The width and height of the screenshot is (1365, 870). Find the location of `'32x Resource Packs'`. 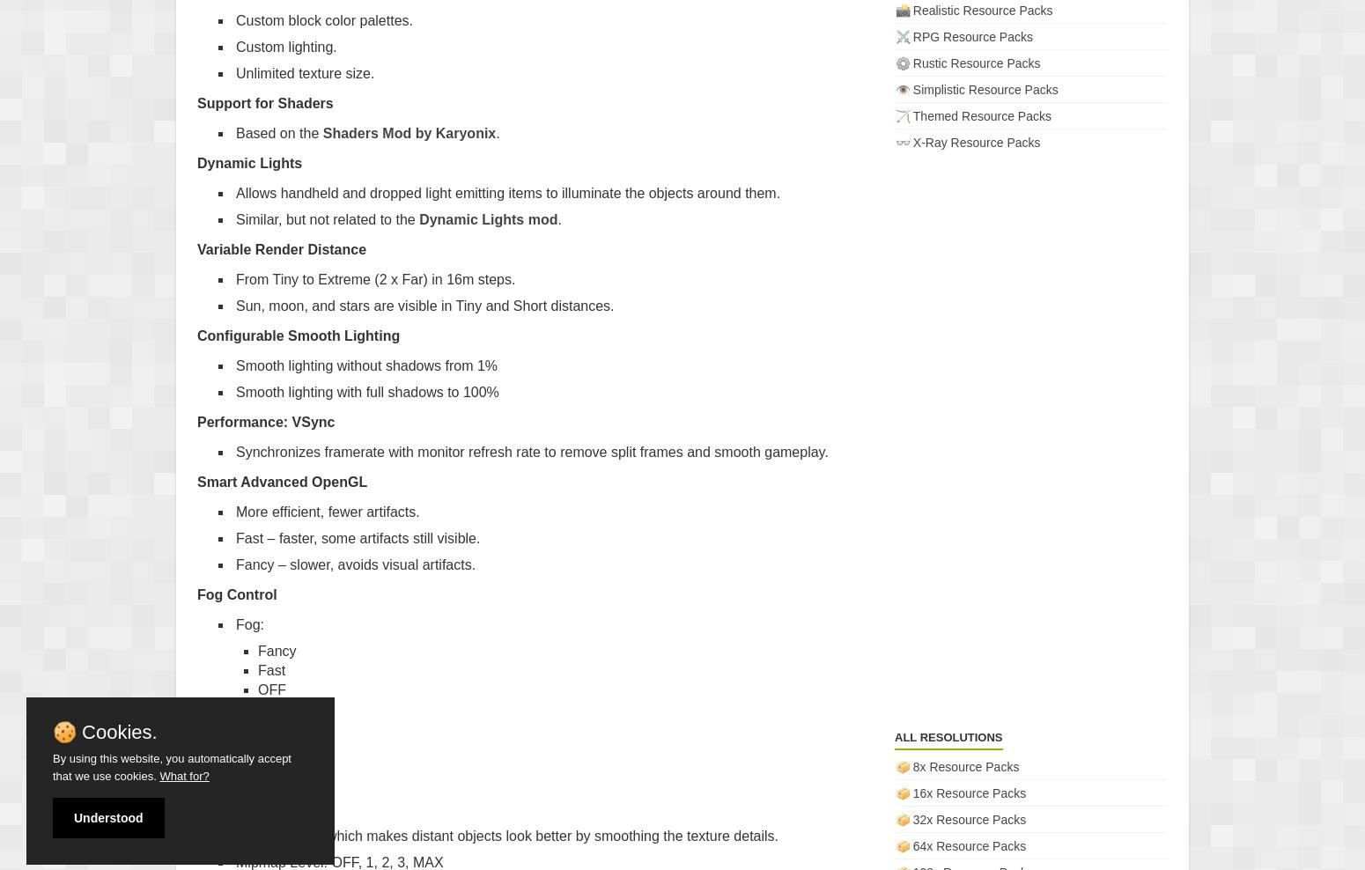

'32x Resource Packs' is located at coordinates (968, 819).